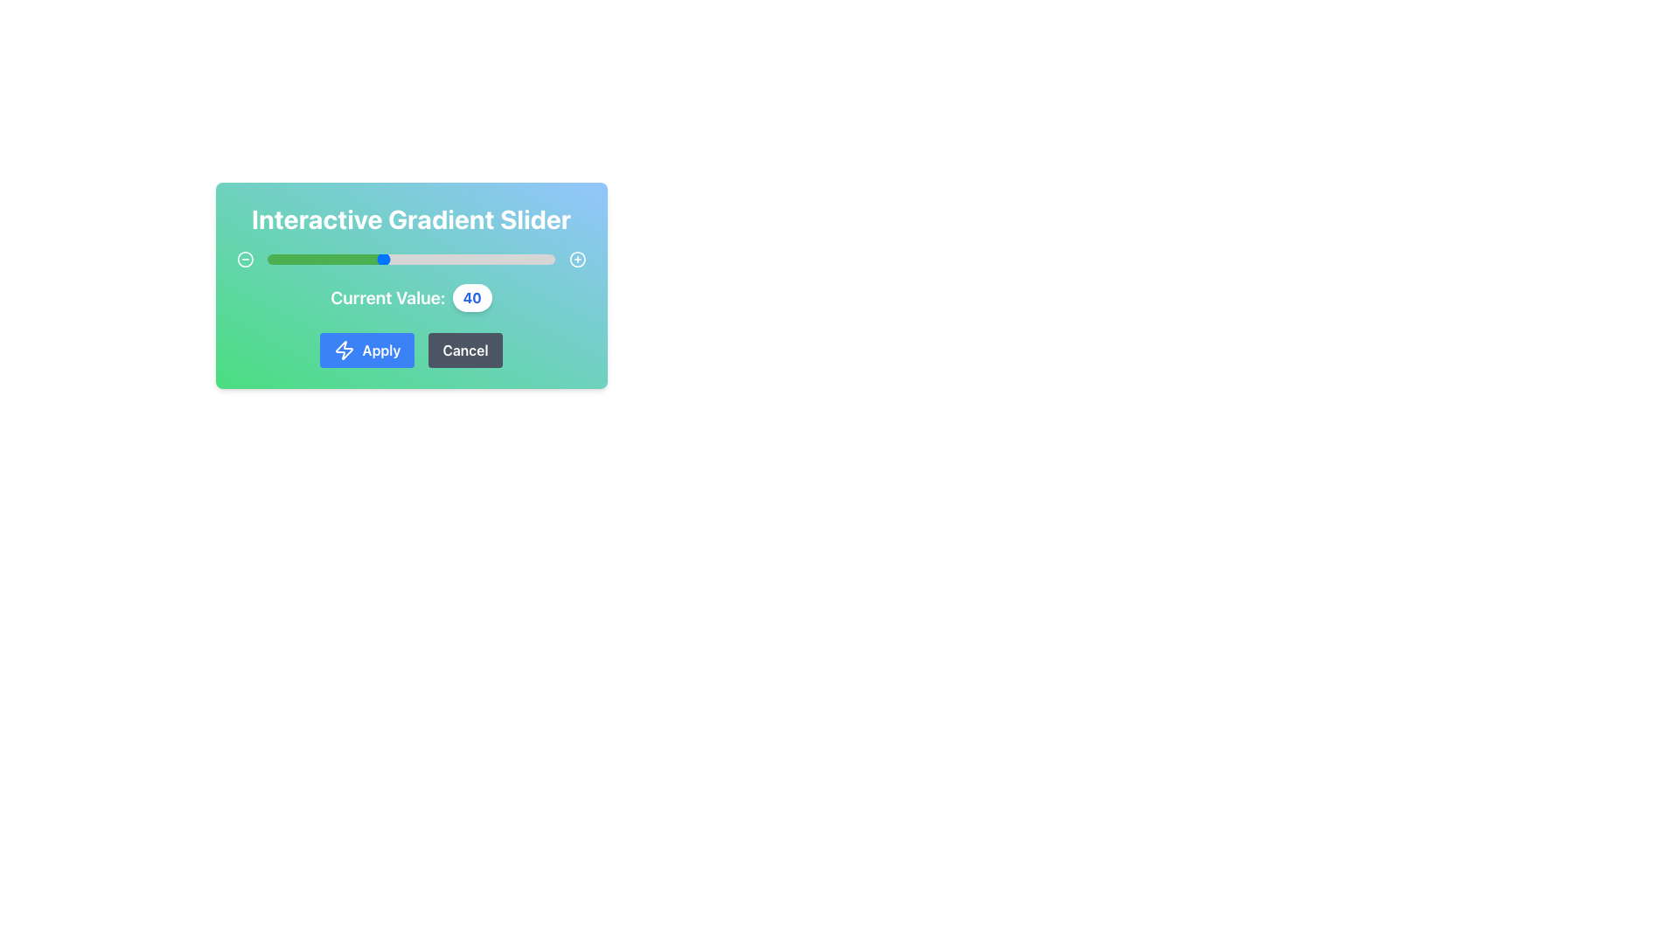 Image resolution: width=1679 pixels, height=944 pixels. What do you see at coordinates (284, 260) in the screenshot?
I see `the slider's value` at bounding box center [284, 260].